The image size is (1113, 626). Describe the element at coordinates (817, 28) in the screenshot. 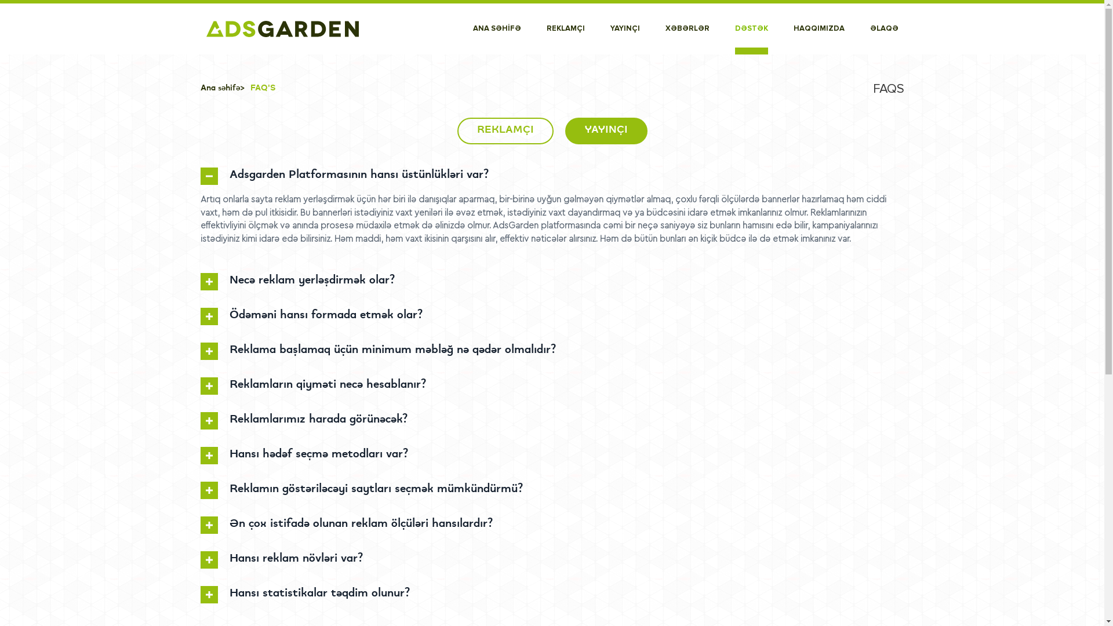

I see `'HAQQIMIZDA'` at that location.